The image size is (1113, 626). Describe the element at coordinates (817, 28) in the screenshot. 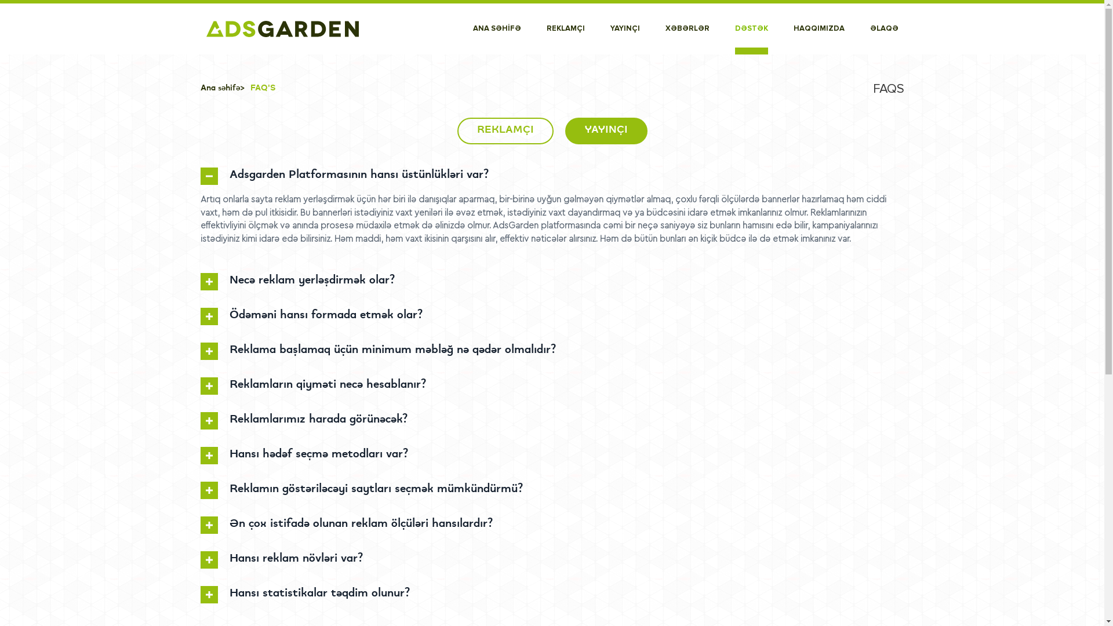

I see `'HAQQIMIZDA'` at that location.